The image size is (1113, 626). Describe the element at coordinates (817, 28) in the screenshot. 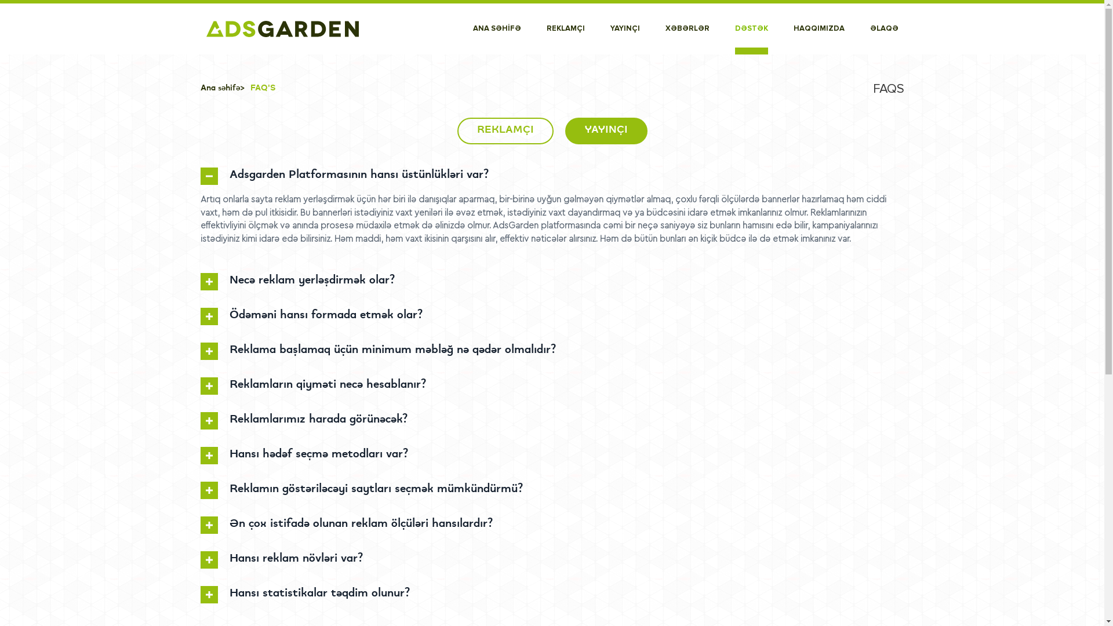

I see `'HAQQIMIZDA'` at that location.